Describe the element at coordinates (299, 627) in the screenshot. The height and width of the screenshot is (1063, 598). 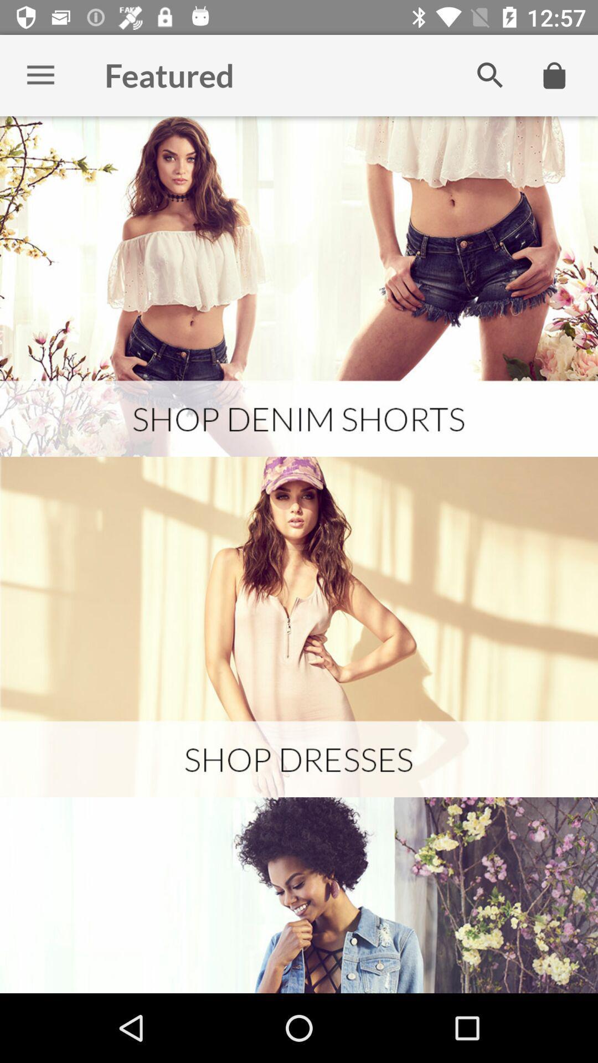
I see `picture of the page` at that location.